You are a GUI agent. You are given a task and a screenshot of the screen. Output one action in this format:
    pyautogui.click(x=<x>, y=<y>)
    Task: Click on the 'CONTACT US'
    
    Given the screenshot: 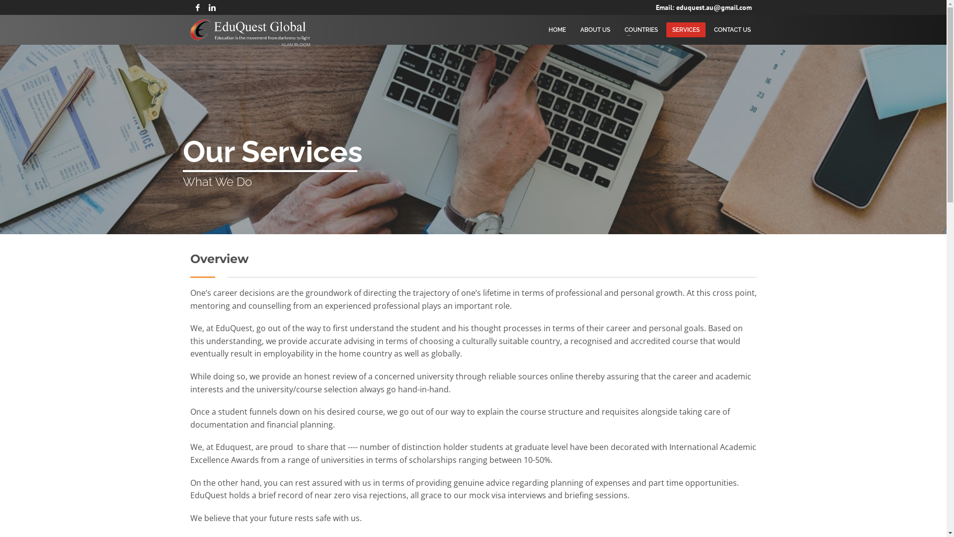 What is the action you would take?
    pyautogui.click(x=732, y=29)
    